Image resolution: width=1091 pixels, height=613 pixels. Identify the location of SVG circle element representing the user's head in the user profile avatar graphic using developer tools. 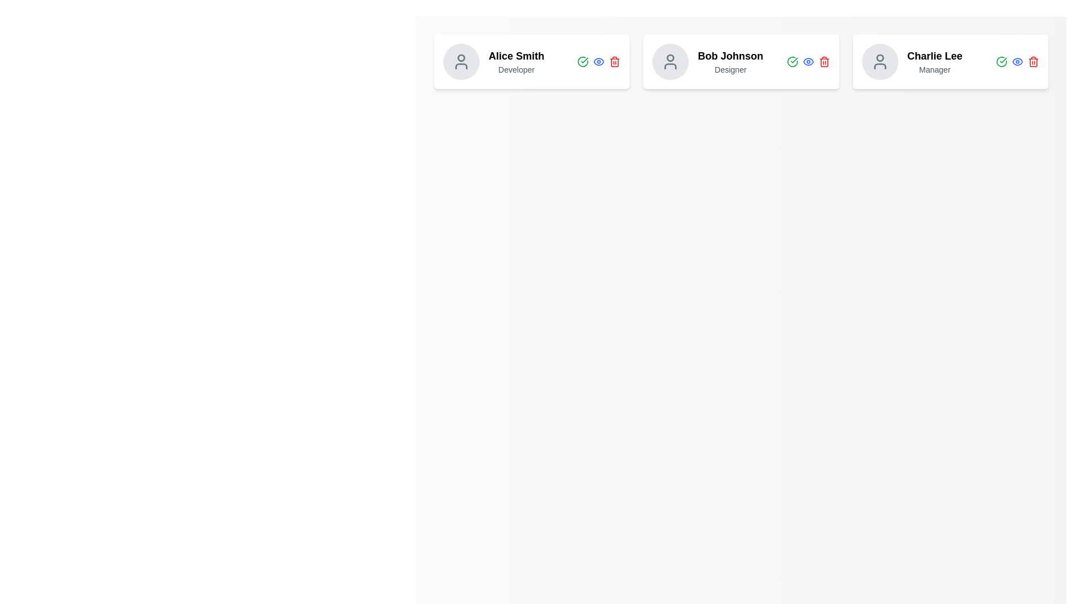
(879, 58).